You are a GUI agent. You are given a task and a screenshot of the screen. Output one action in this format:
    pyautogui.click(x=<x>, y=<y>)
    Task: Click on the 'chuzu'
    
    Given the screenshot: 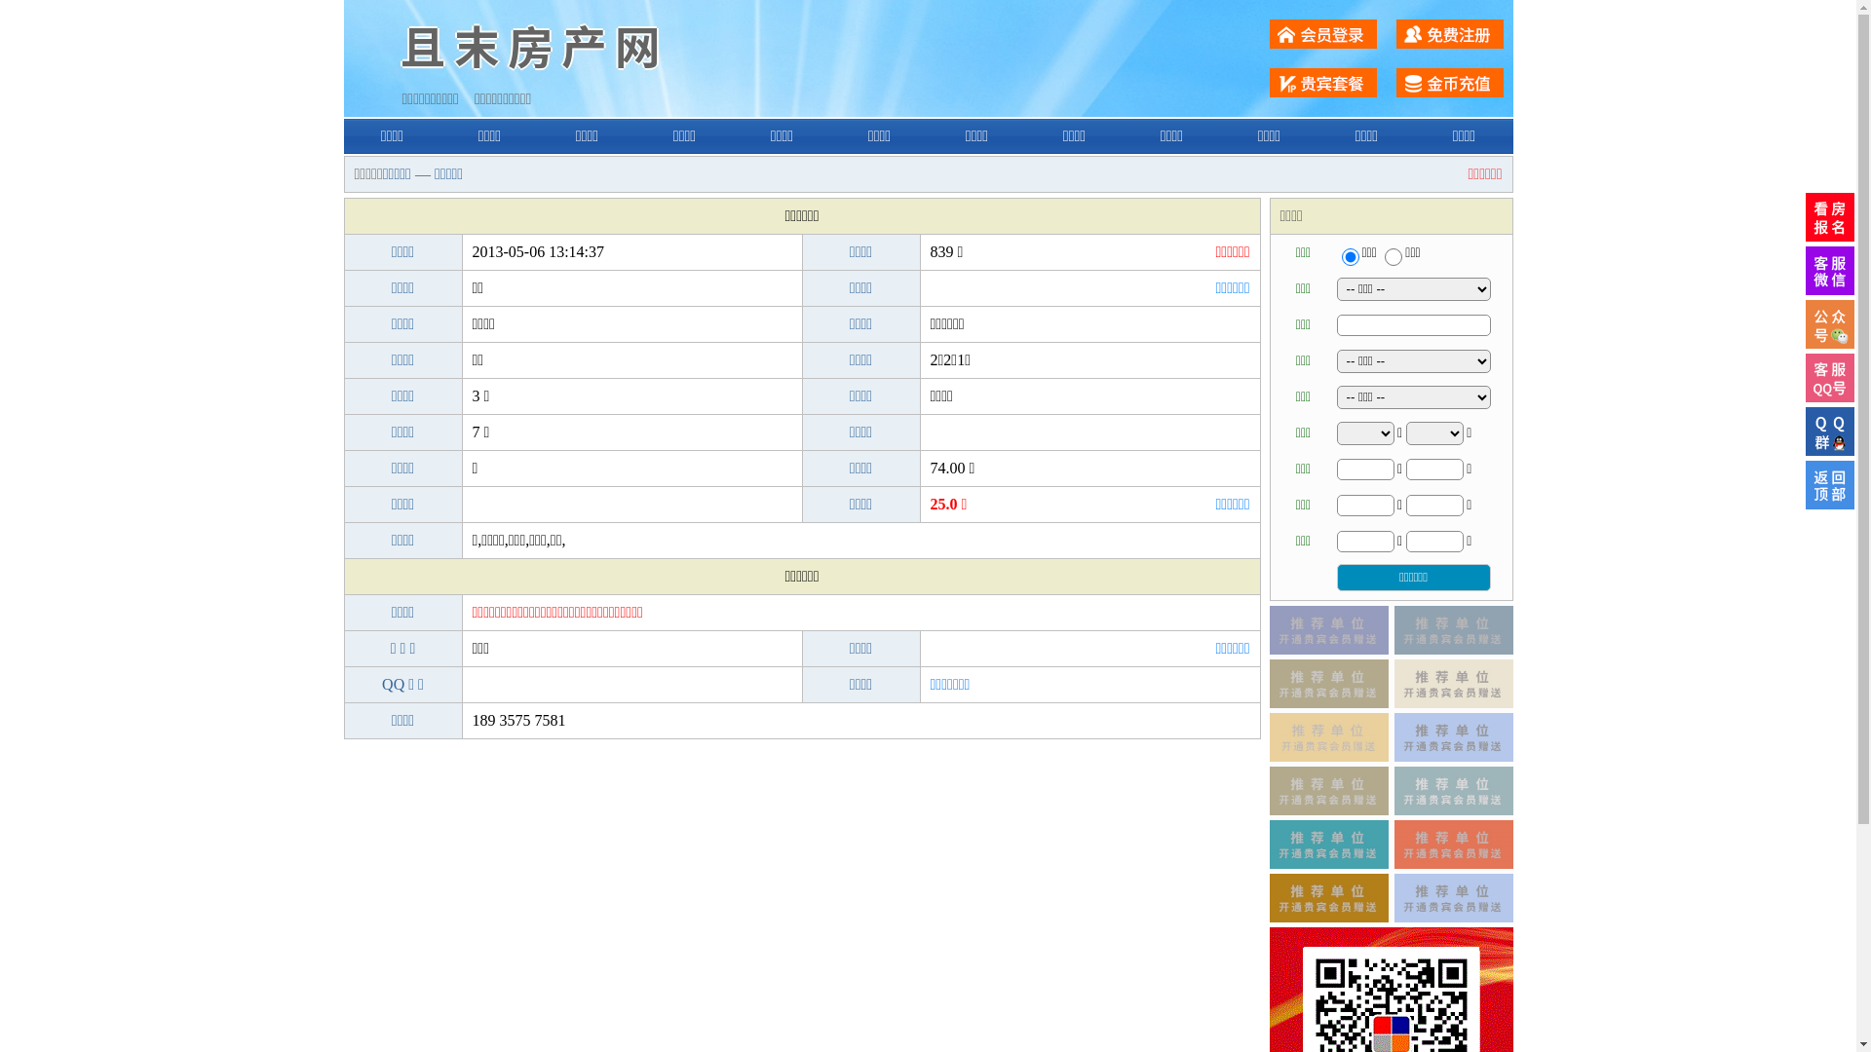 What is the action you would take?
    pyautogui.click(x=1383, y=255)
    